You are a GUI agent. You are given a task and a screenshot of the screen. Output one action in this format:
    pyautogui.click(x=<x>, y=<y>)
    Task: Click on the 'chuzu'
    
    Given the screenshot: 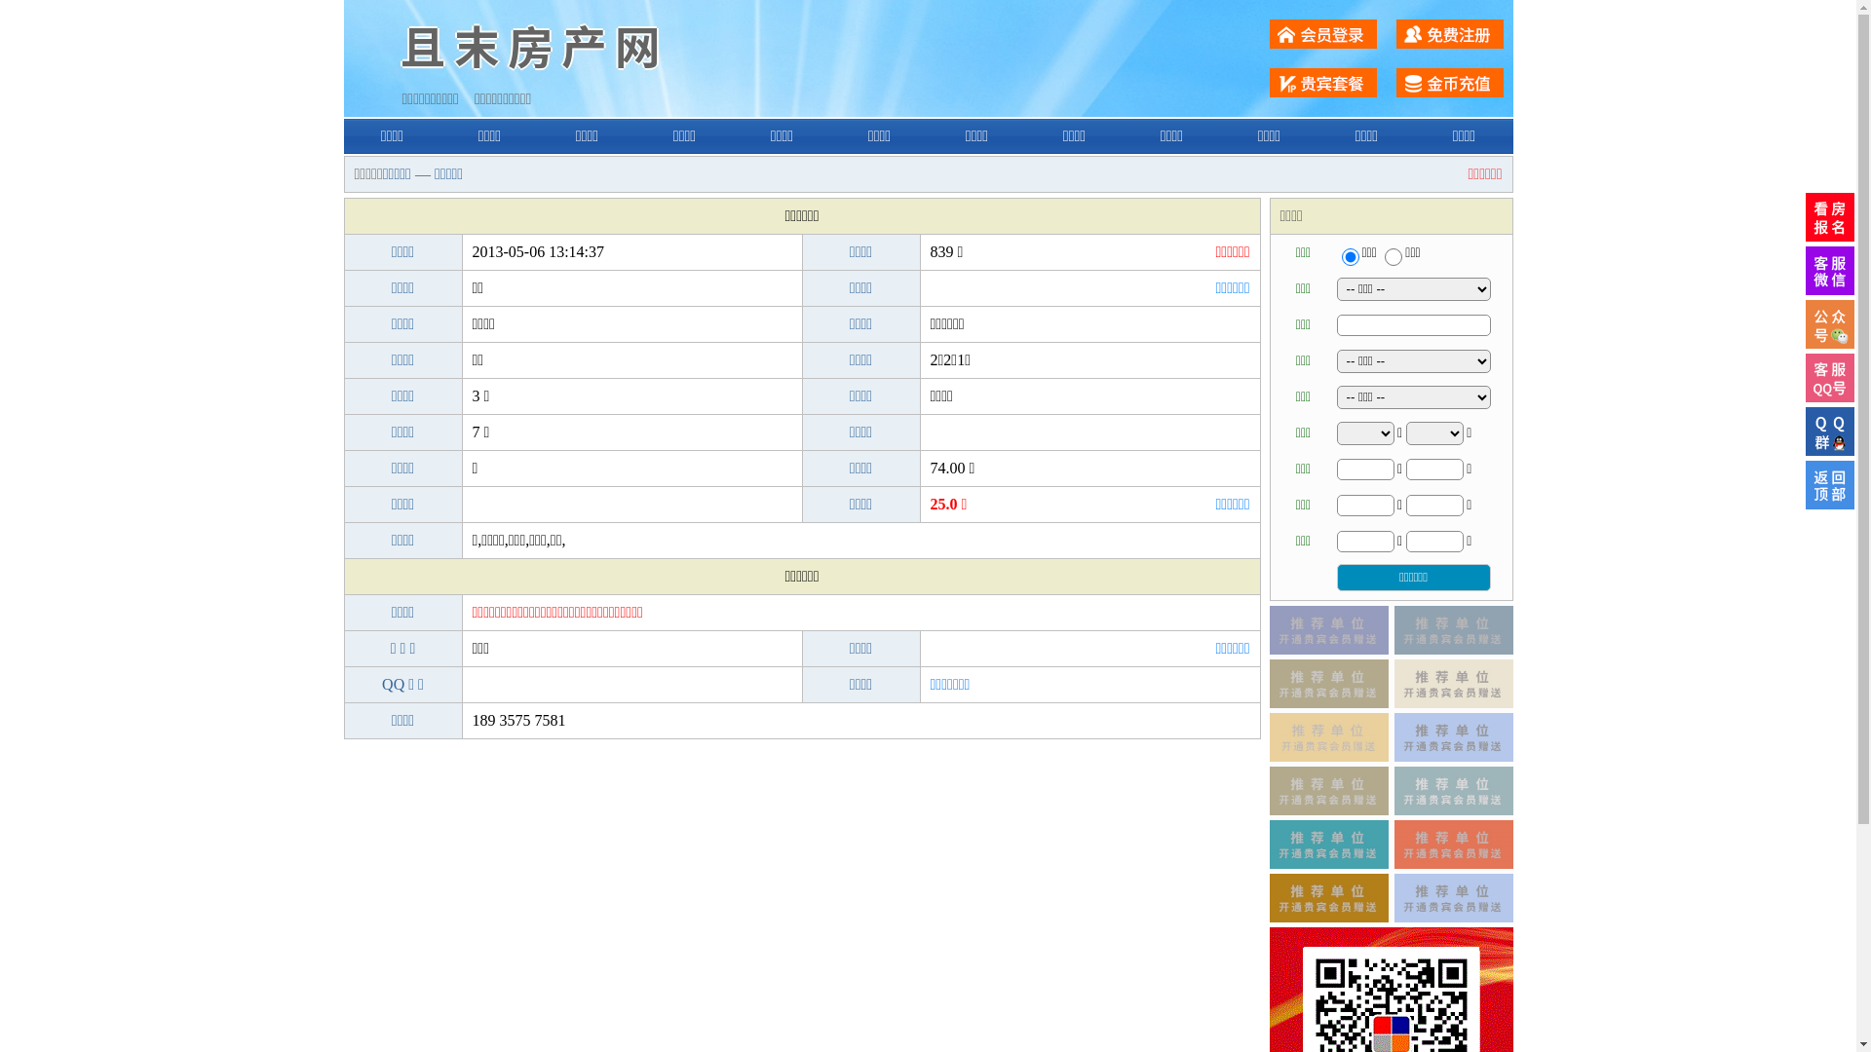 What is the action you would take?
    pyautogui.click(x=1383, y=255)
    